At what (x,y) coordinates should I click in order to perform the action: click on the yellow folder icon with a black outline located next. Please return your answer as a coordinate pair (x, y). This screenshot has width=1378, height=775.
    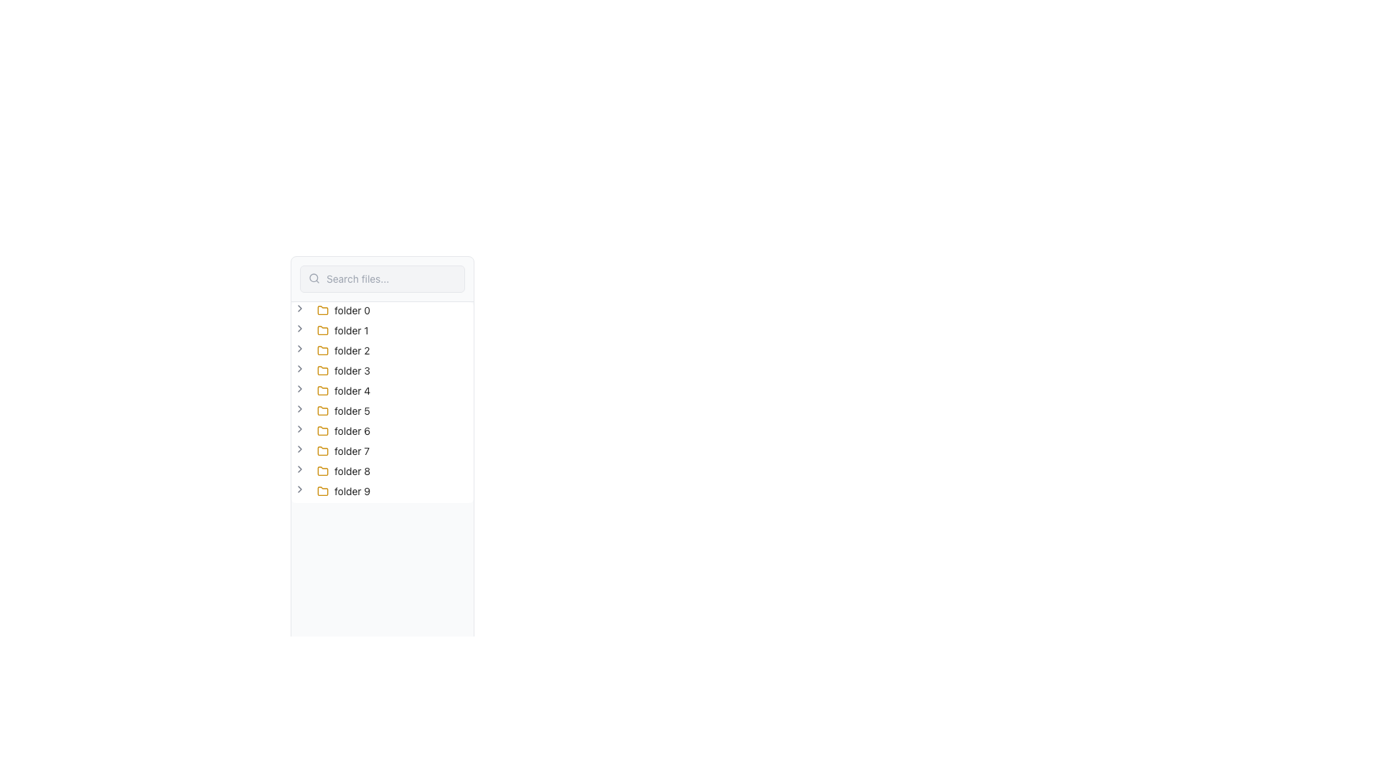
    Looking at the image, I should click on (322, 309).